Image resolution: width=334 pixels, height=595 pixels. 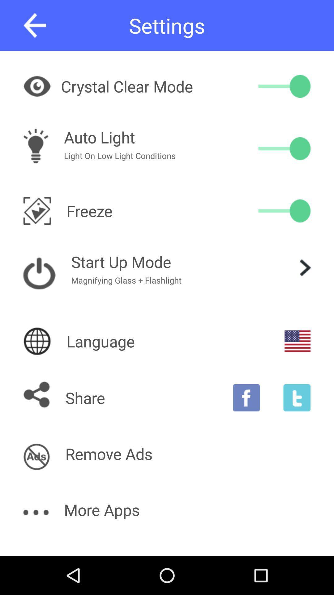 I want to click on the item next to crystal clear mode, so click(x=284, y=86).